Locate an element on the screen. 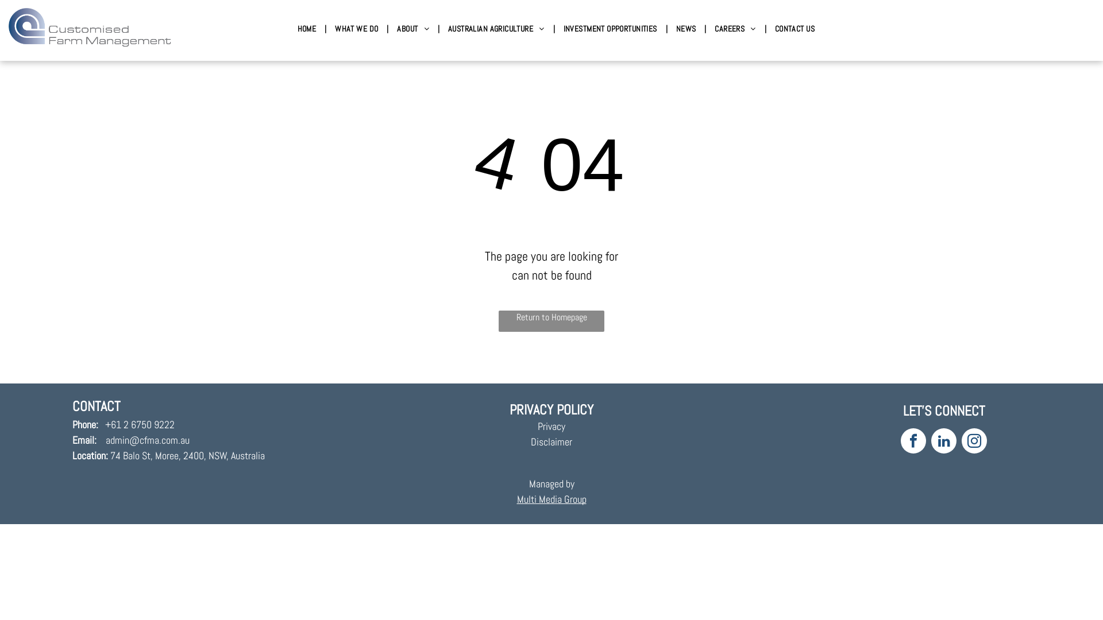 The image size is (1103, 620). 'AUSTRALIAN AGRICULTURE' is located at coordinates (496, 29).